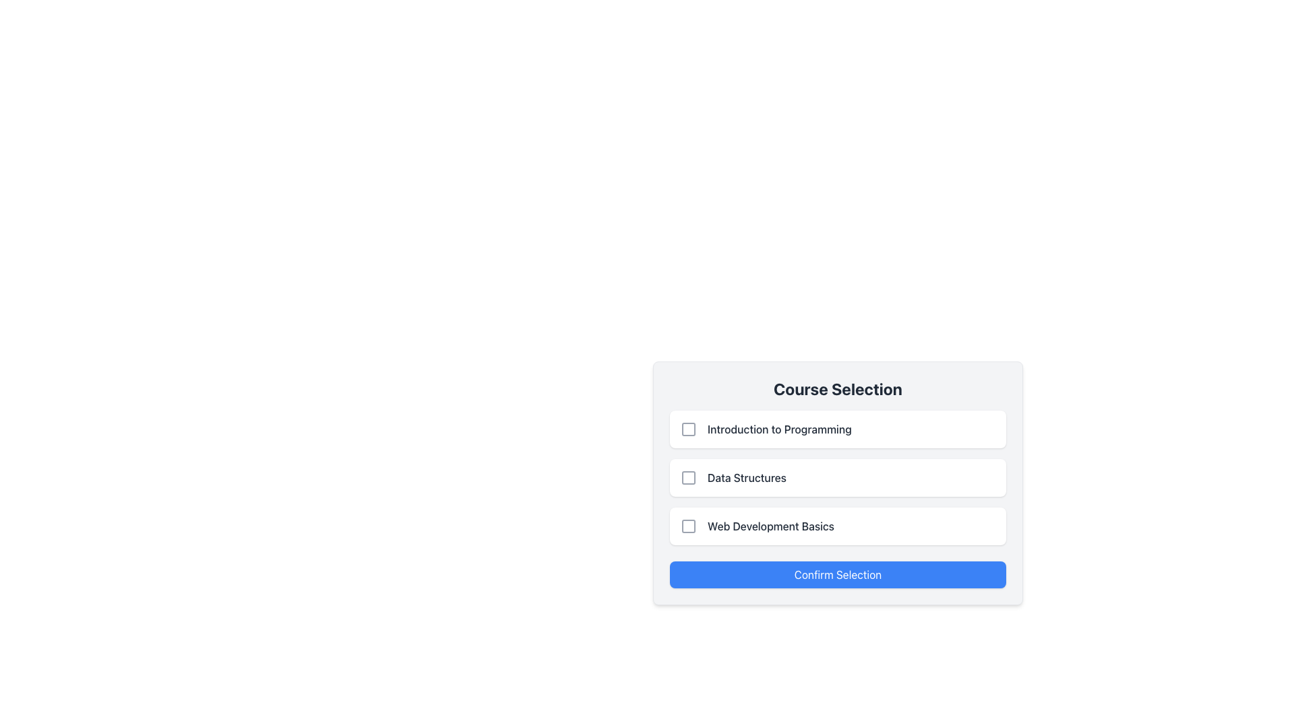 This screenshot has height=727, width=1294. I want to click on the unselected checkbox, so click(689, 526).